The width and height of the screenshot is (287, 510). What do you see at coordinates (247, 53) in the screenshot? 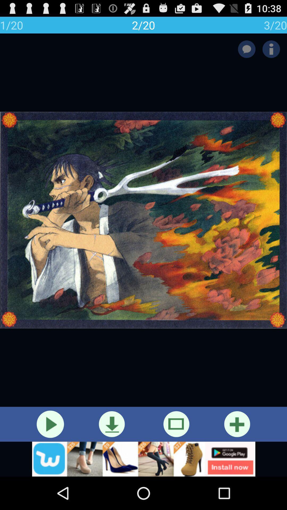
I see `the chat icon` at bounding box center [247, 53].